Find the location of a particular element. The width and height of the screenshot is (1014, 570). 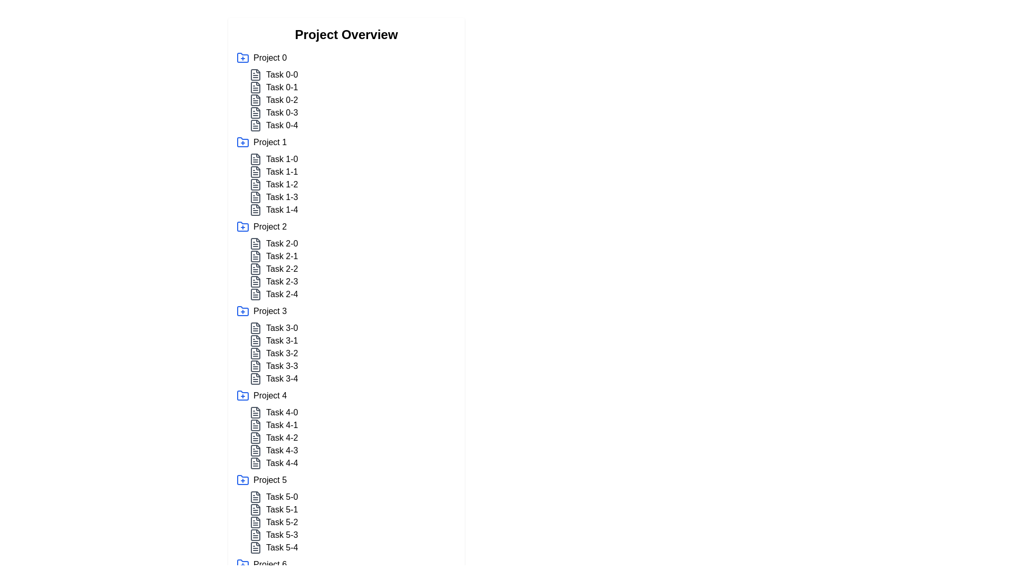

the icon representing 'Task 3-3' located to the left of the label in the task list under 'Project 3' is located at coordinates (256, 366).